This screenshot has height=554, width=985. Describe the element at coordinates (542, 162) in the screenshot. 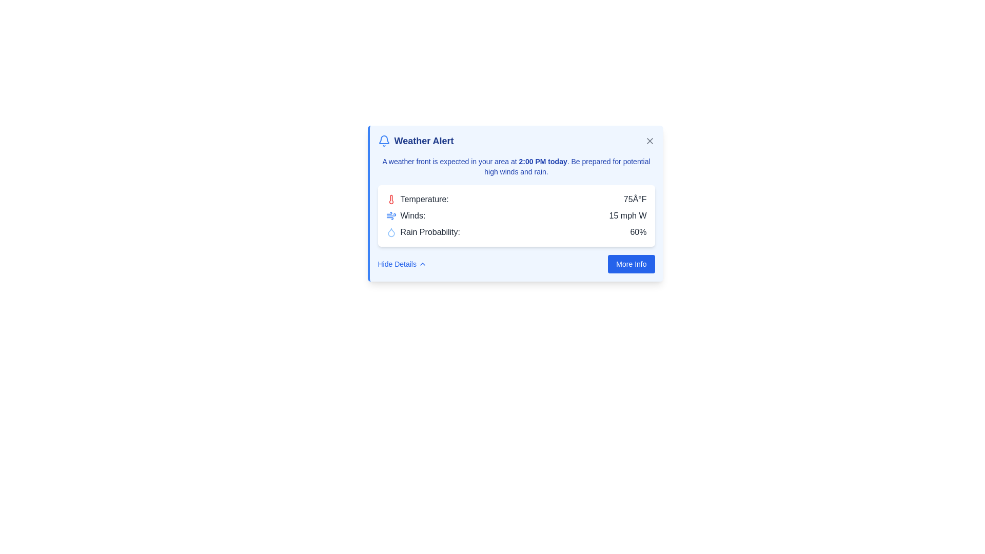

I see `the text providing event timing information in the 'Weather Alert' dialog box` at that location.